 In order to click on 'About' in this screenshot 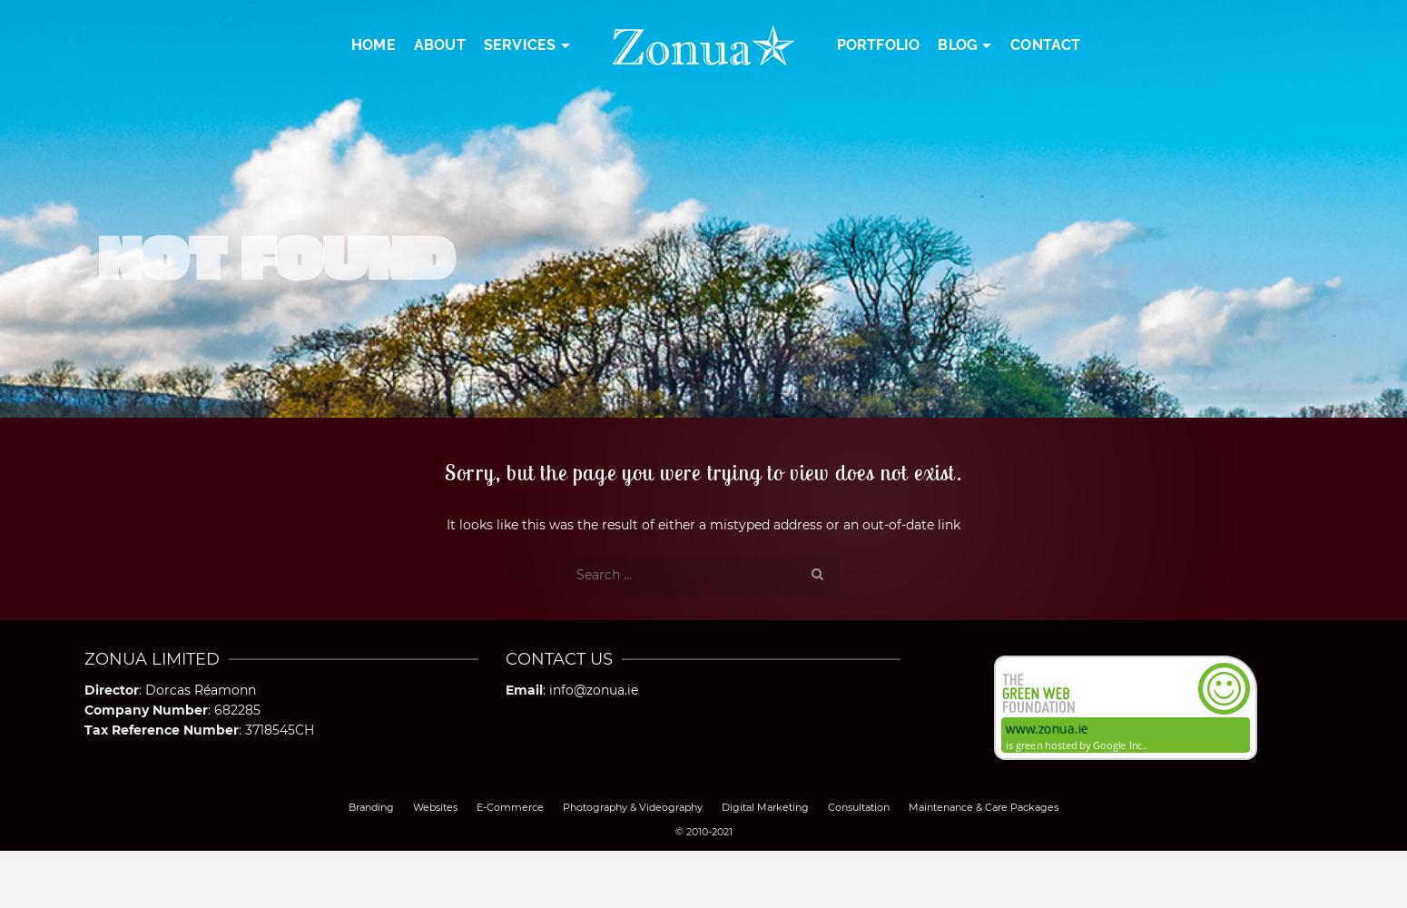, I will do `click(438, 44)`.